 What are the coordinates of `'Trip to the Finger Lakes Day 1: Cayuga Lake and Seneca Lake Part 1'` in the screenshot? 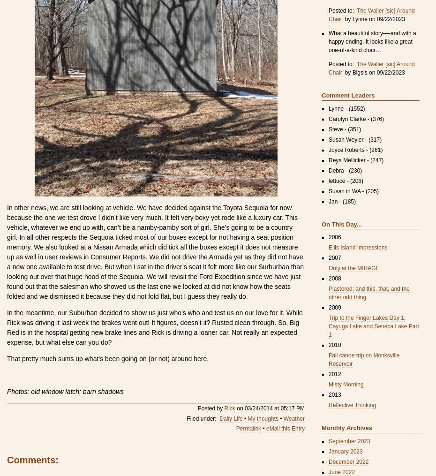 It's located at (373, 326).